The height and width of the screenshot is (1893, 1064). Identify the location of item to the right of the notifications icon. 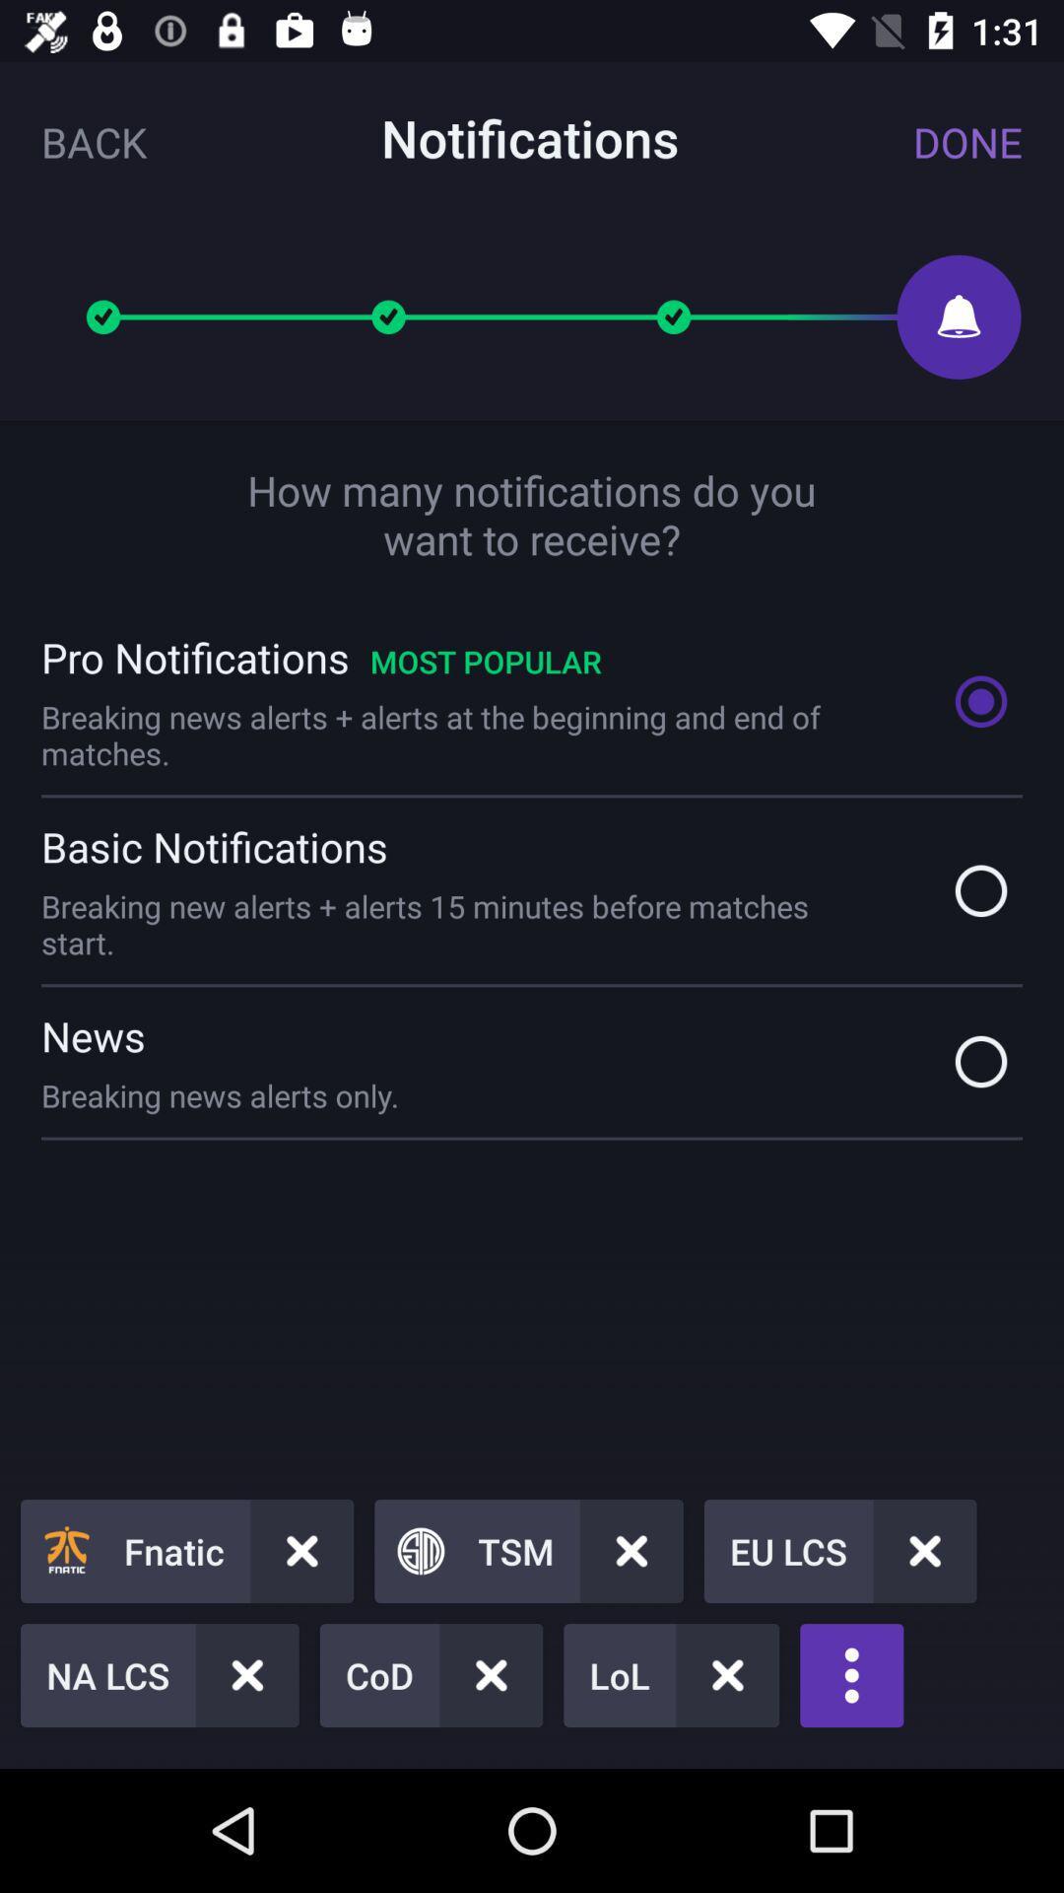
(966, 141).